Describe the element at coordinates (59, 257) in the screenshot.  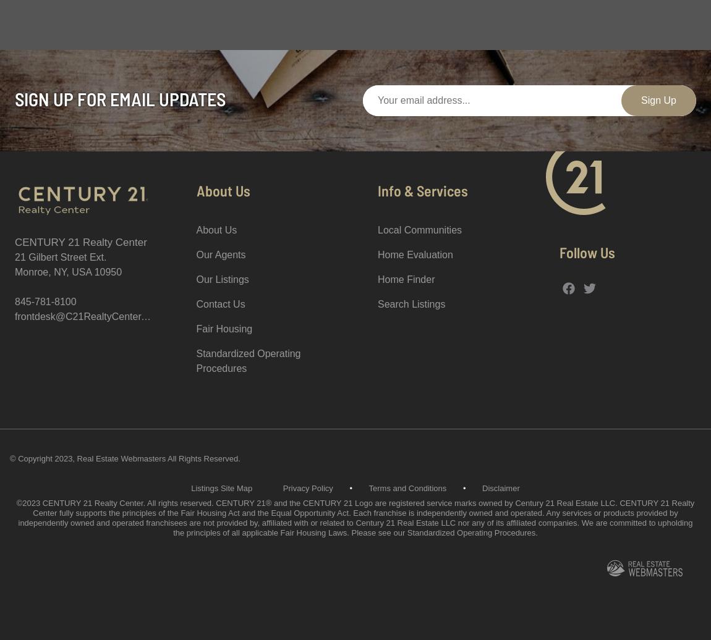
I see `'21 Gilbert Street Ext.'` at that location.